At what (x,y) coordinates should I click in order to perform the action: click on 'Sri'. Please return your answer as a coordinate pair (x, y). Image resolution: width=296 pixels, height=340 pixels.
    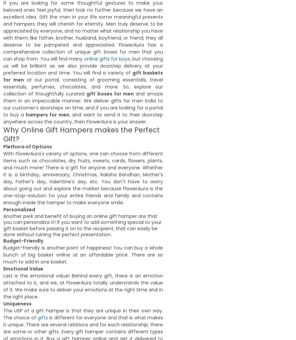
    Looking at the image, I should click on (91, 34).